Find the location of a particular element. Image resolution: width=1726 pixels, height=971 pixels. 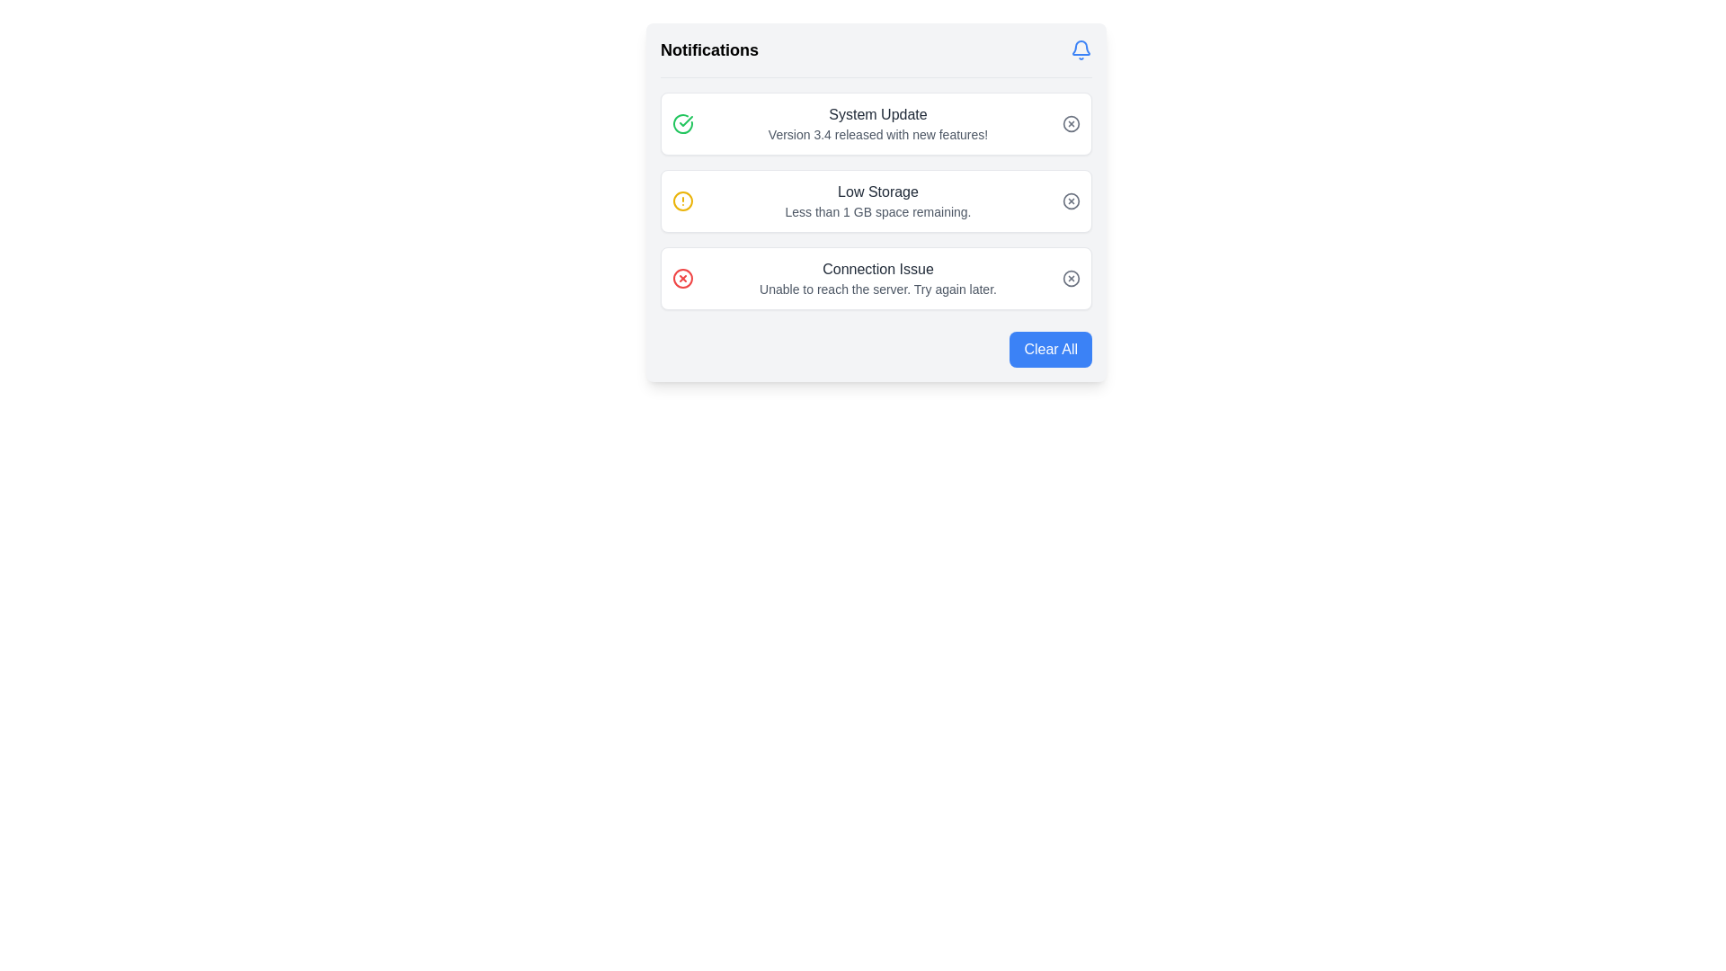

the static text label displaying 'Connection Issue' and 'Unable to reach the server. Try again later.' which is the third notification in the list is located at coordinates (878, 278).